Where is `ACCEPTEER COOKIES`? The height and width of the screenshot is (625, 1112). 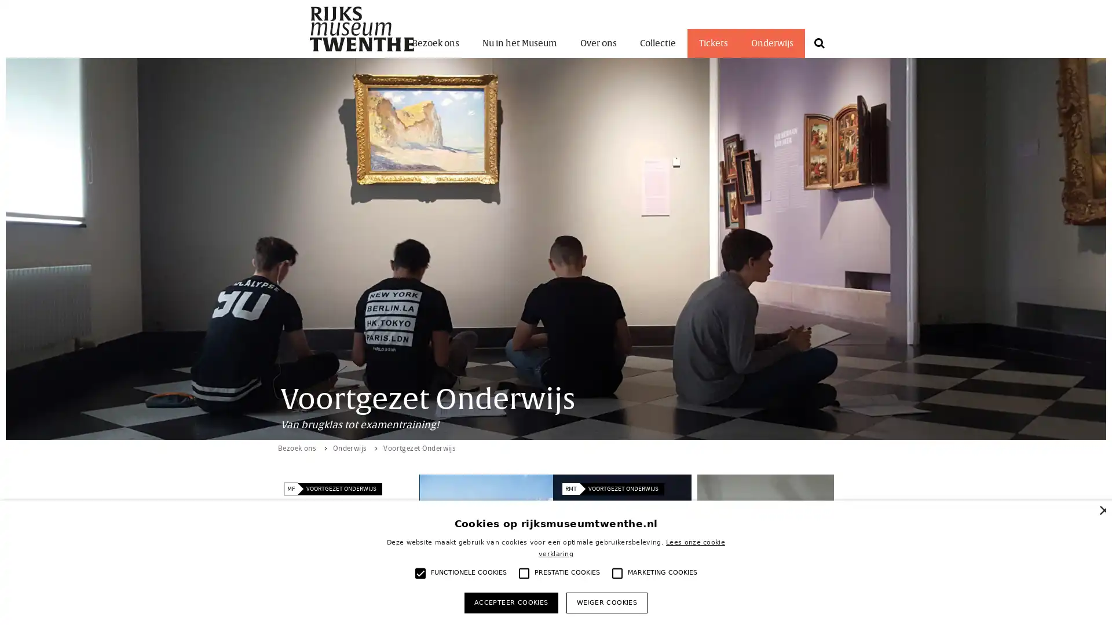
ACCEPTEER COOKIES is located at coordinates (510, 602).